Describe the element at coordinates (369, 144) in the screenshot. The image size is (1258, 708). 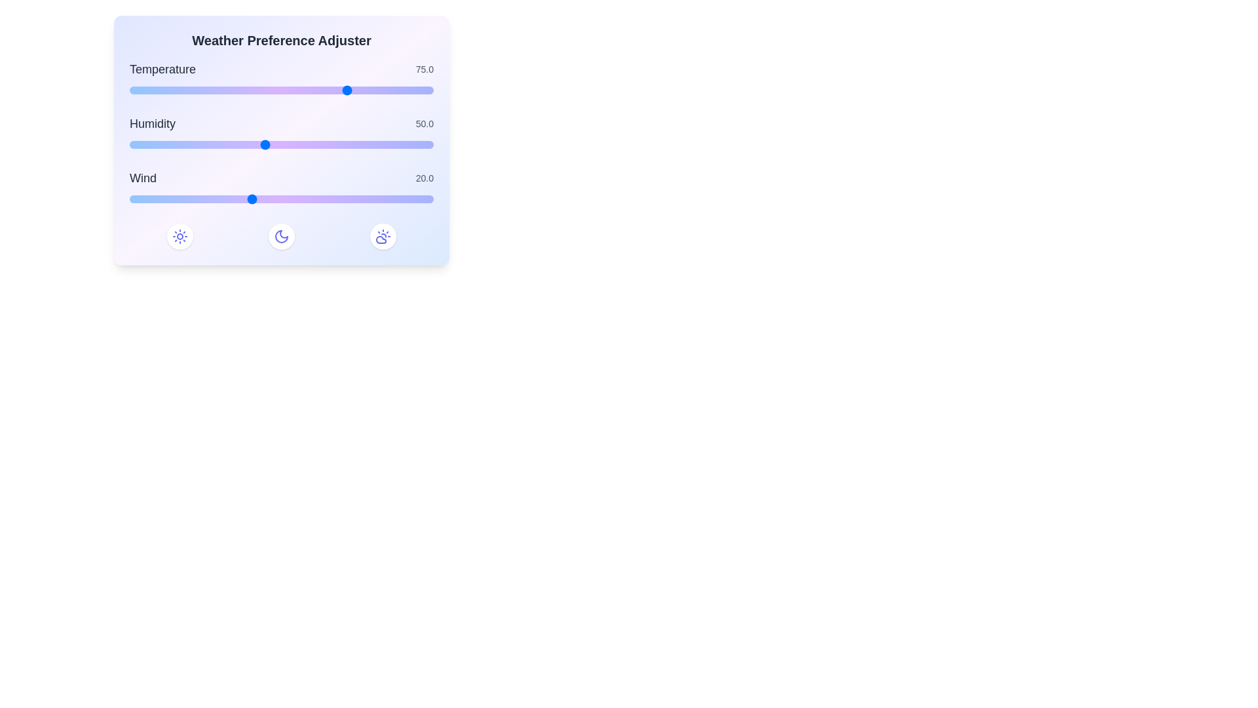
I see `the humidity value` at that location.